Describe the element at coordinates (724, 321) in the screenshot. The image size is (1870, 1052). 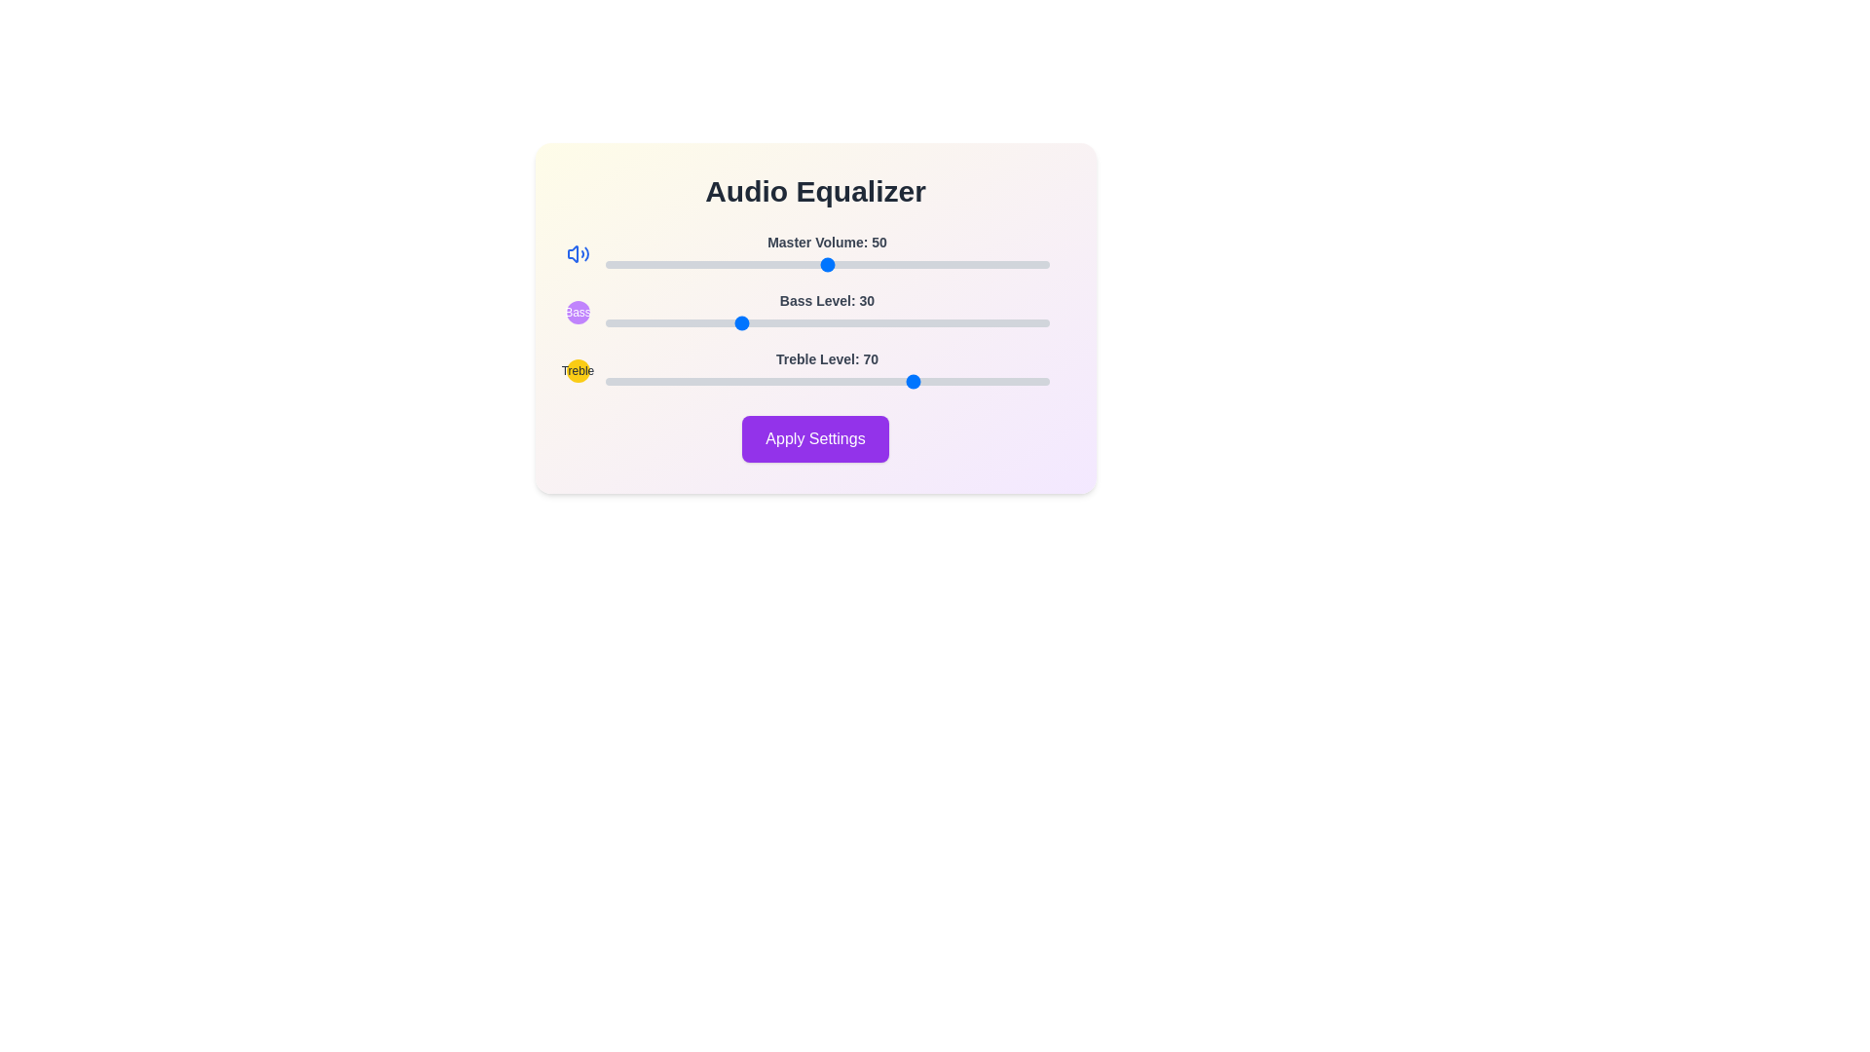
I see `bass level` at that location.